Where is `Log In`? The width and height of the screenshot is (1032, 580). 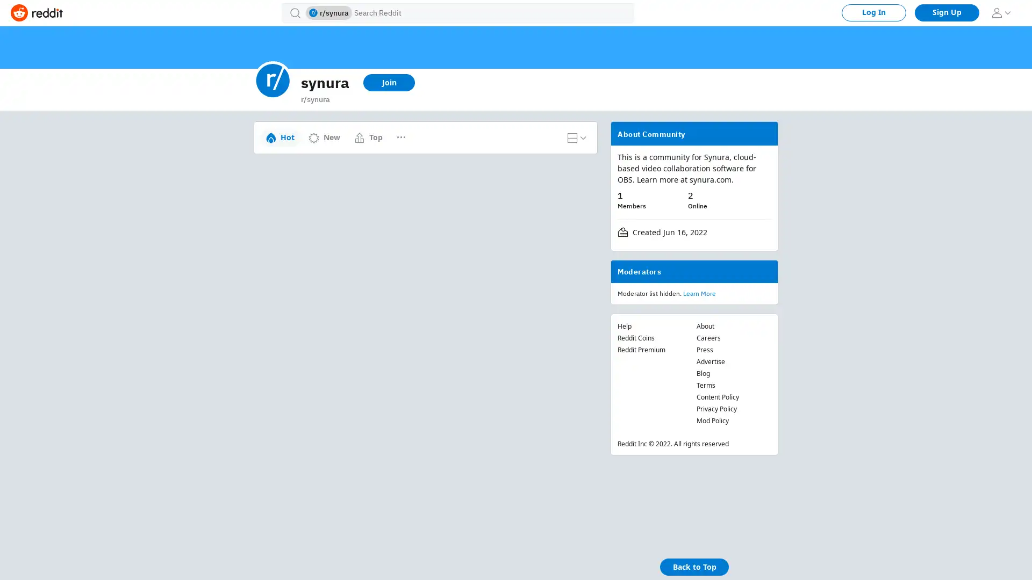
Log In is located at coordinates (874, 12).